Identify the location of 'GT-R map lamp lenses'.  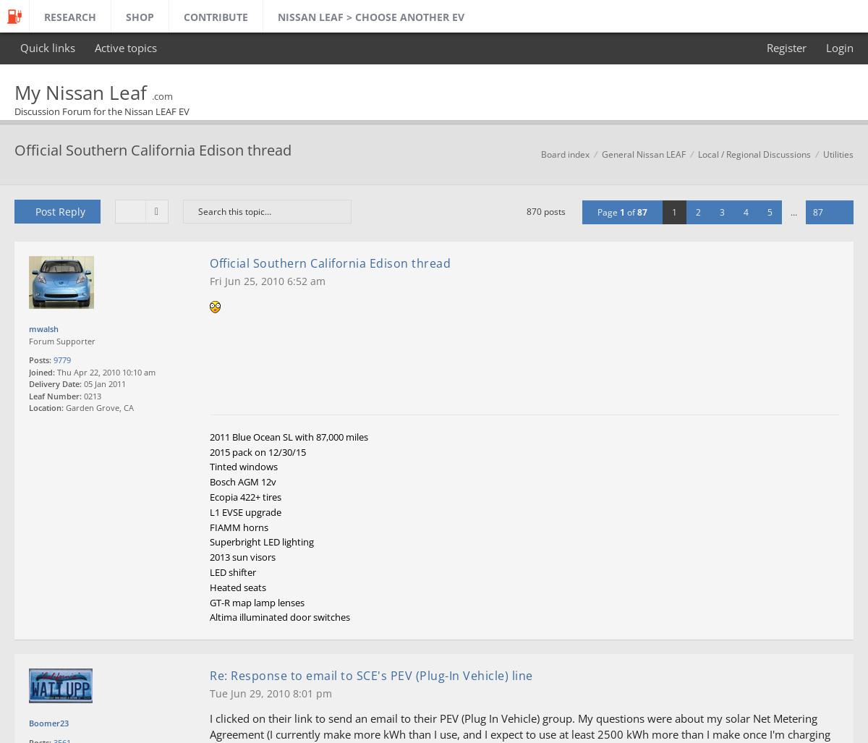
(257, 601).